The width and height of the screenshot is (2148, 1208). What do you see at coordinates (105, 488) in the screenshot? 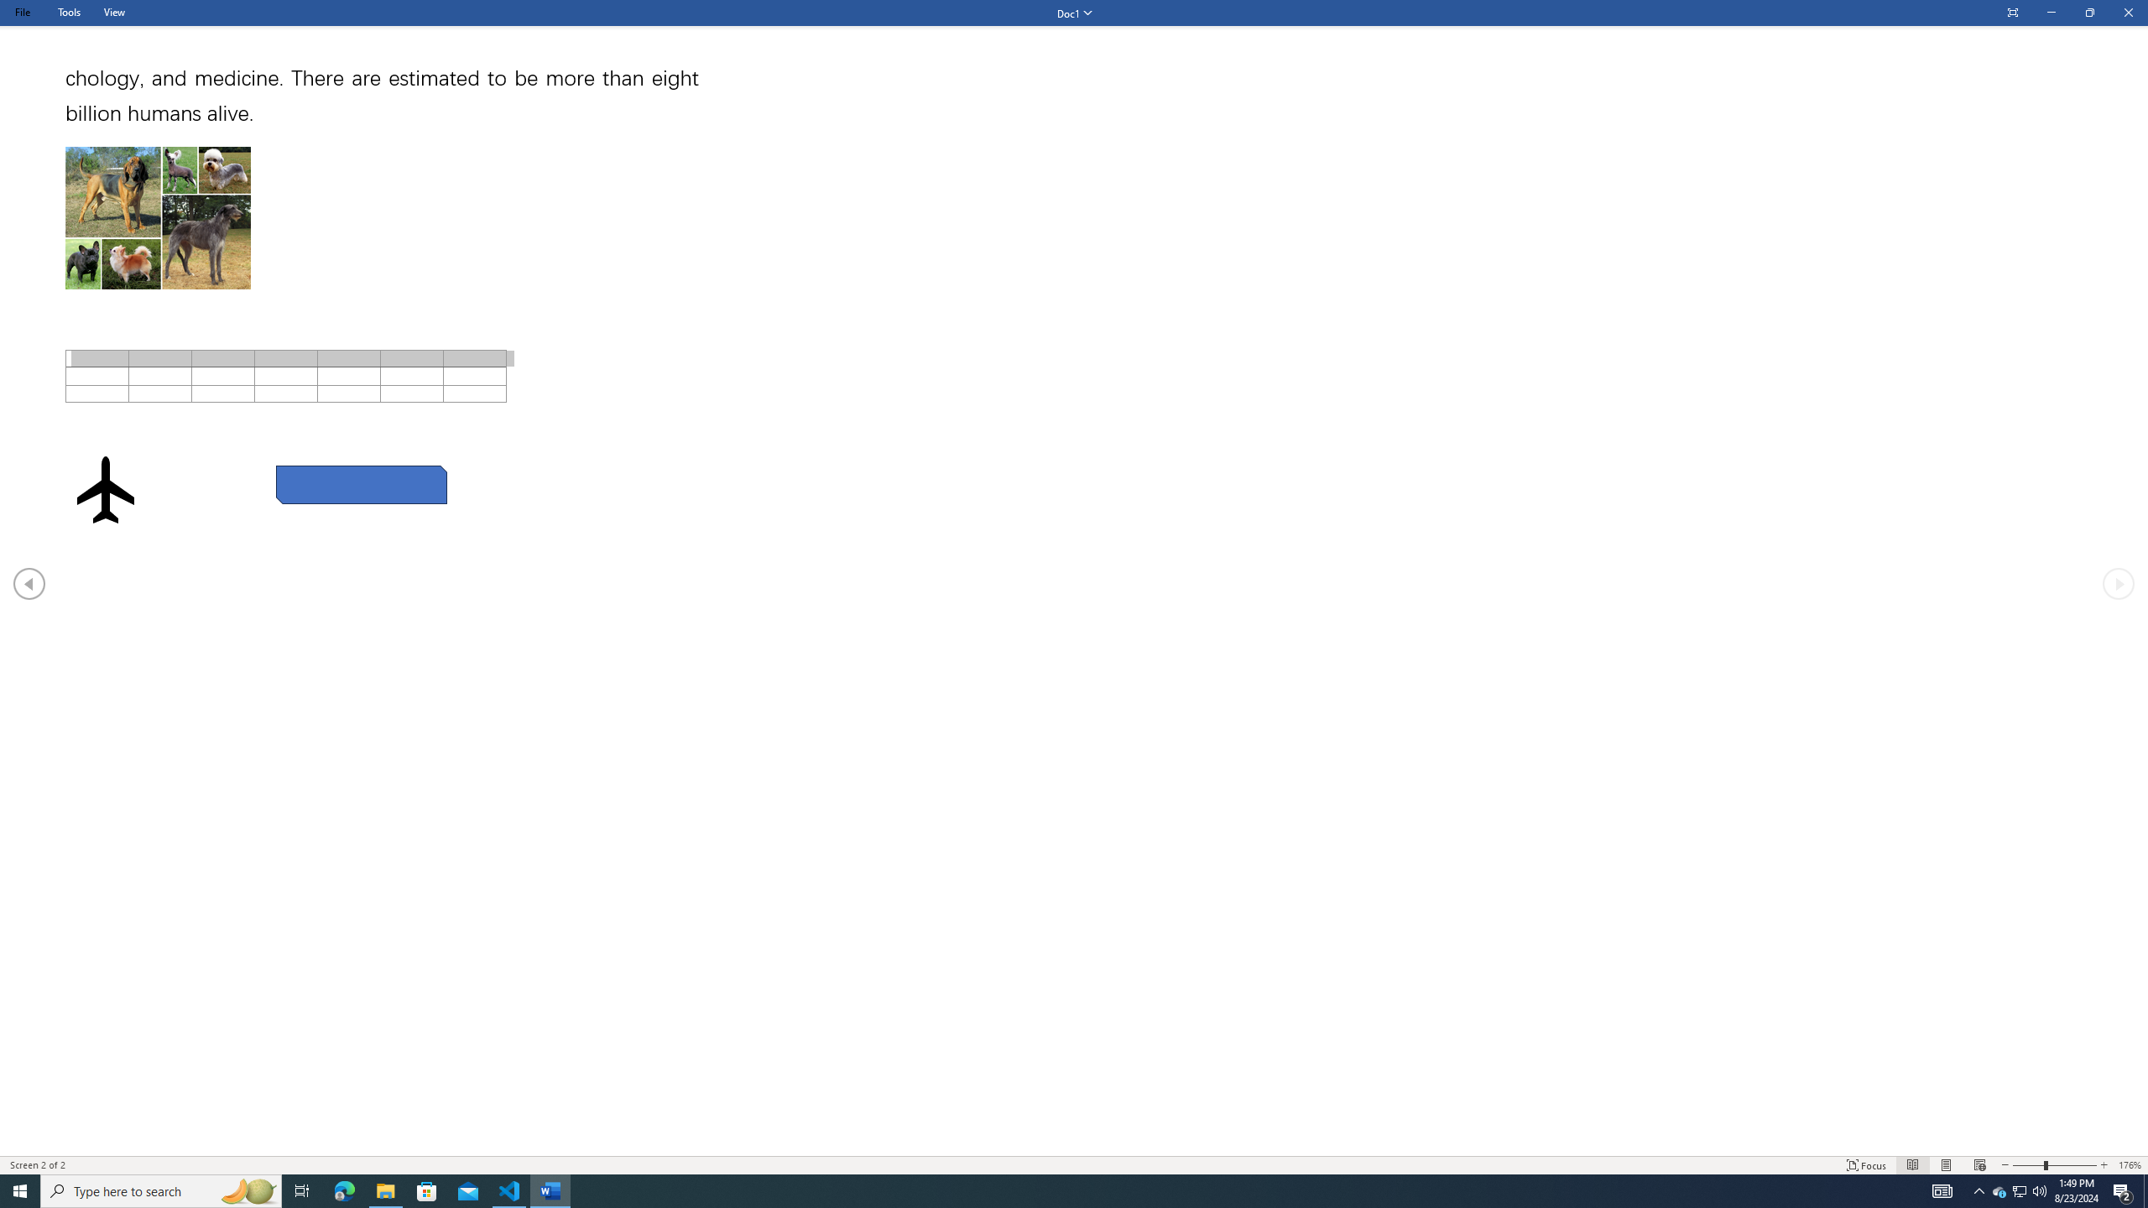
I see `'Airplane with solid fill'` at bounding box center [105, 488].